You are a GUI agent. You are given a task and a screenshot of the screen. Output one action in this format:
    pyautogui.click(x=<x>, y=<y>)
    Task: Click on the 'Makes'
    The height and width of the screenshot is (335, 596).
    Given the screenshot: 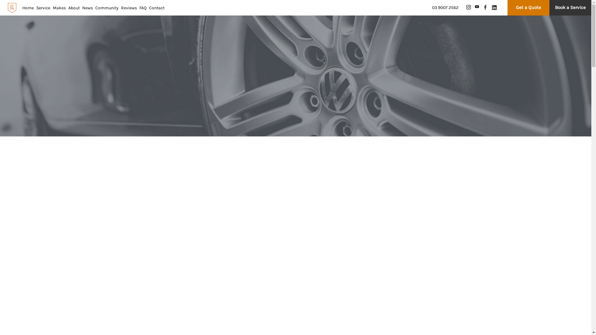 What is the action you would take?
    pyautogui.click(x=59, y=8)
    